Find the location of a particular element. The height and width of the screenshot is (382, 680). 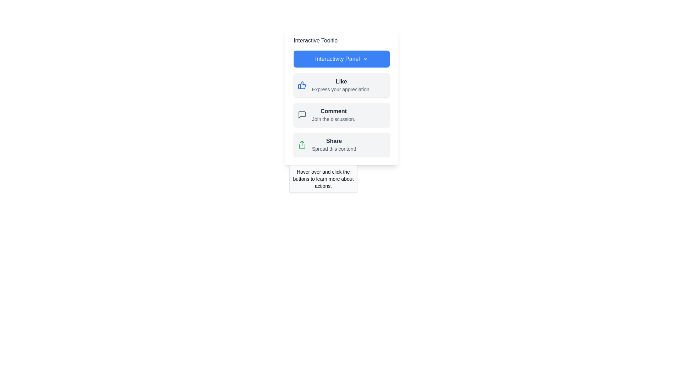

the comment button, which is the second item in a vertical list of interactive options is located at coordinates (341, 114).